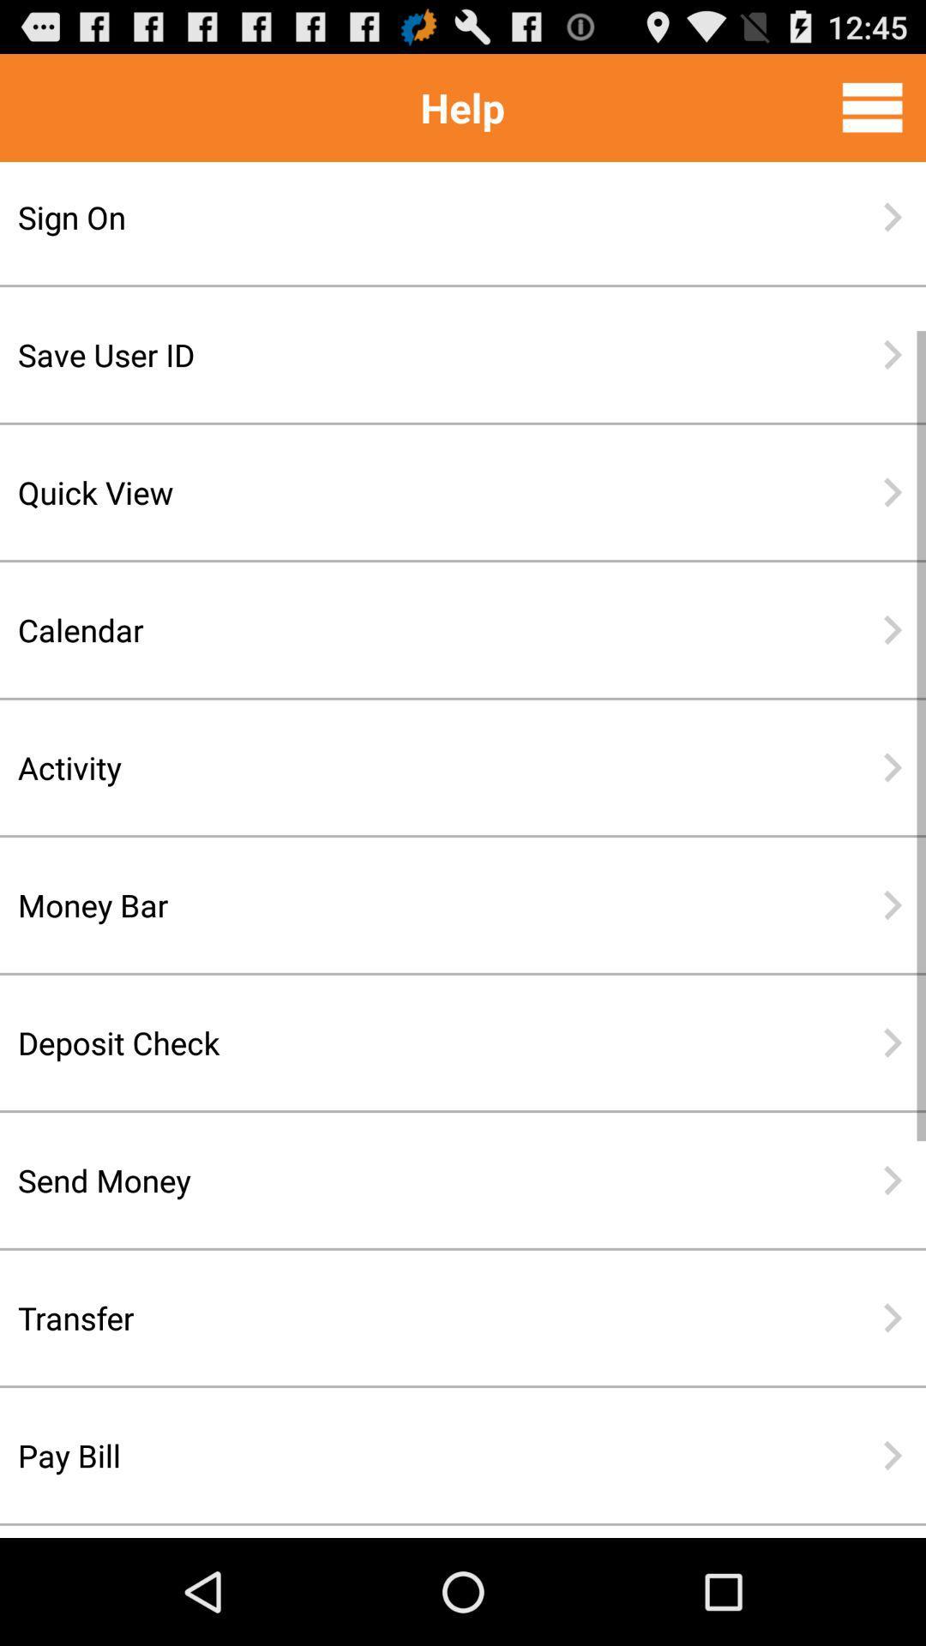  What do you see at coordinates (872, 106) in the screenshot?
I see `open menu` at bounding box center [872, 106].